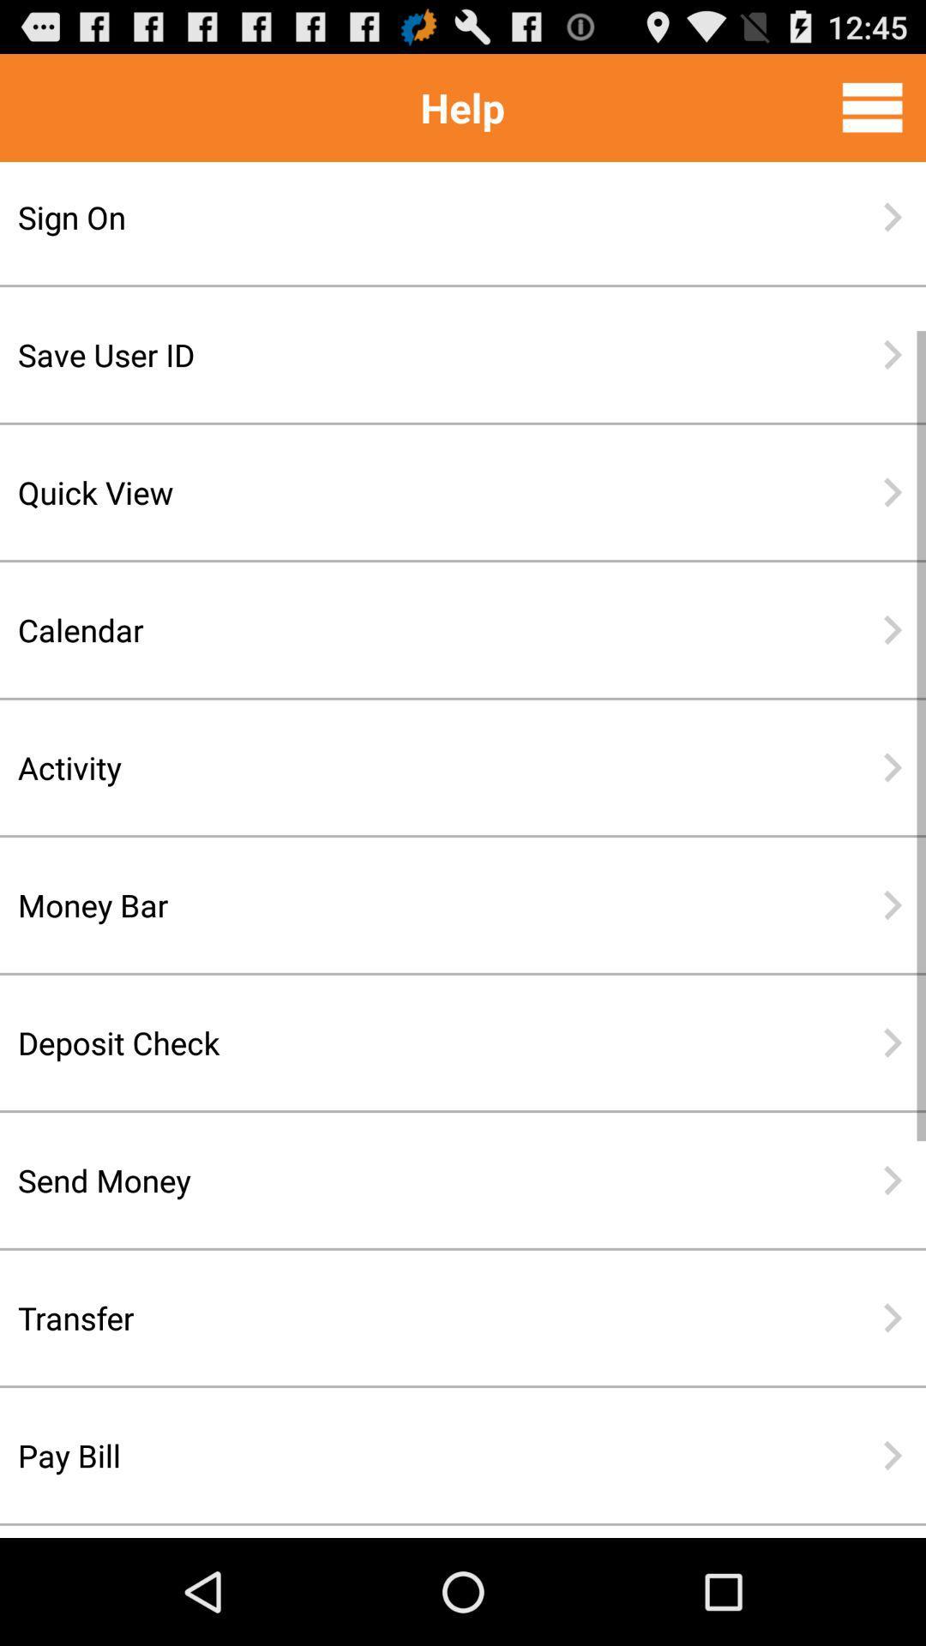  What do you see at coordinates (872, 106) in the screenshot?
I see `open menu` at bounding box center [872, 106].